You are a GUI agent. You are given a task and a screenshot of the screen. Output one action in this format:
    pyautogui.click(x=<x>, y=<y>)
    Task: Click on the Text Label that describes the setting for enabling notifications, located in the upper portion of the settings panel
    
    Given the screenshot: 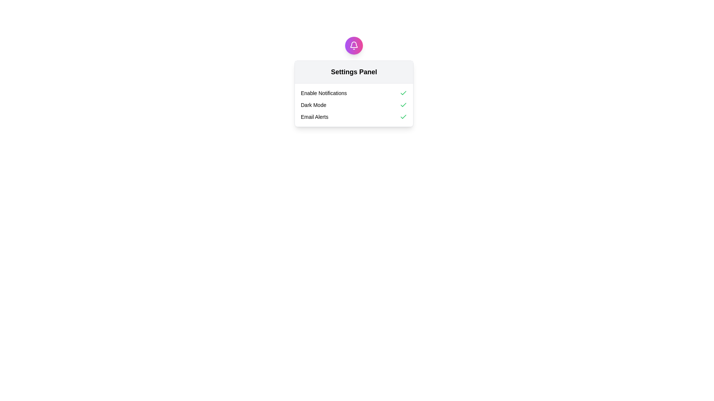 What is the action you would take?
    pyautogui.click(x=324, y=92)
    